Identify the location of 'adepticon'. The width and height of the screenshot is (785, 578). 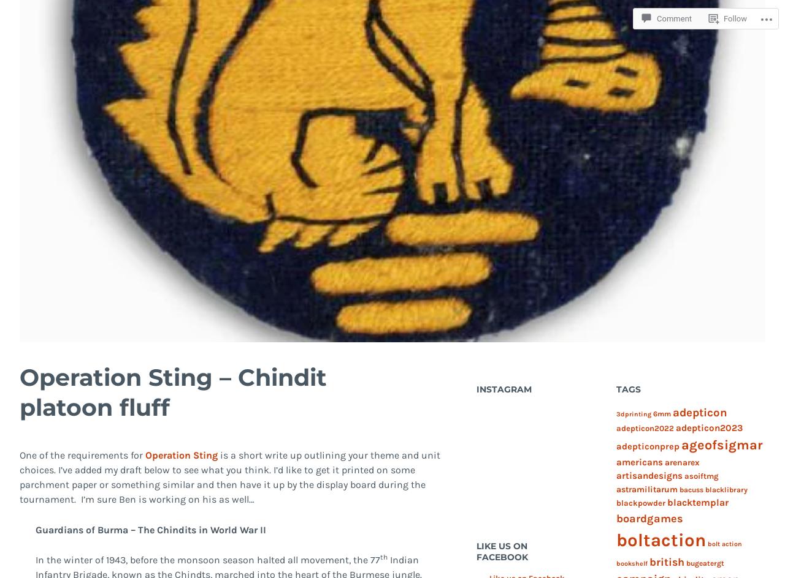
(699, 412).